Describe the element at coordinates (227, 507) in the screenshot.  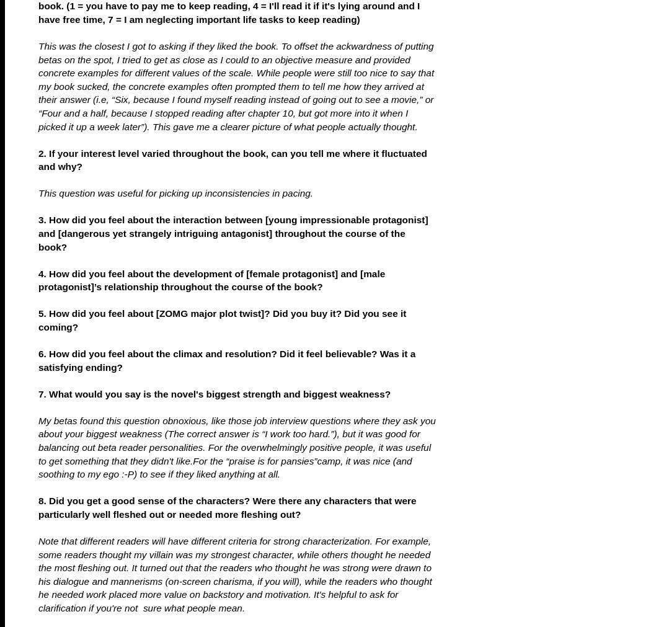
I see `'8.  Did you get a good sense of the characters?  Were there any characters that were particularly well fleshed out or needed more fleshing out?'` at that location.